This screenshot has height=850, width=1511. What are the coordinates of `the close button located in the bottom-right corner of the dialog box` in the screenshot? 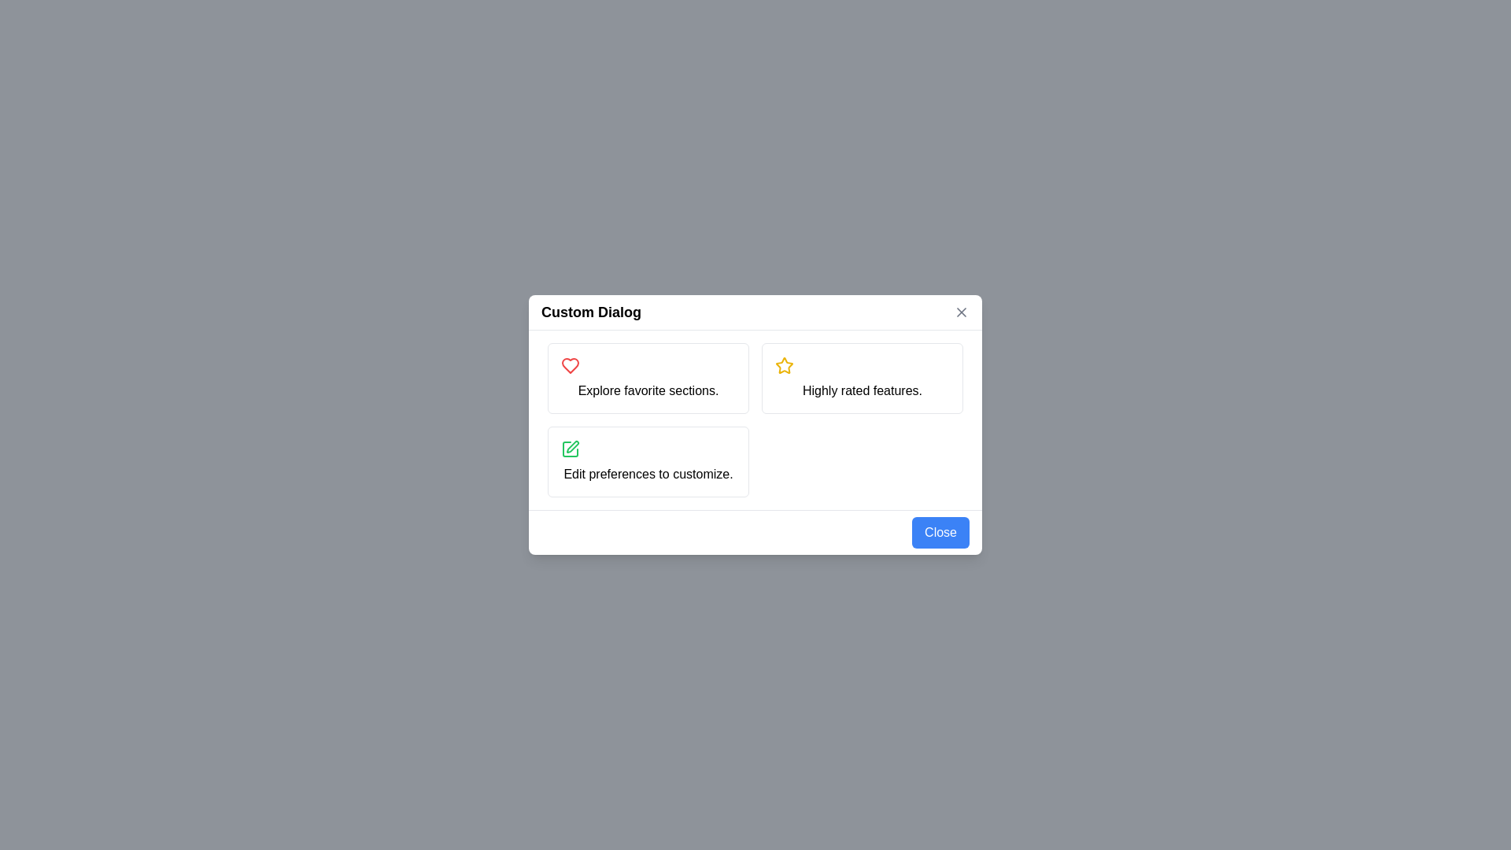 It's located at (940, 532).